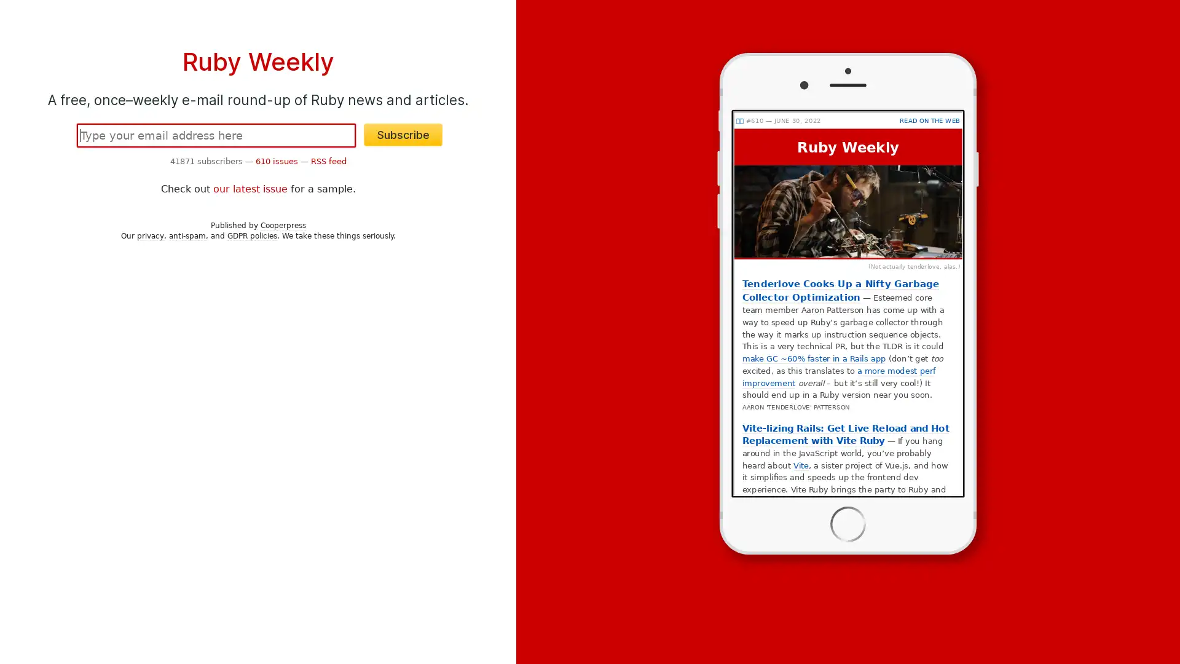  Describe the element at coordinates (403, 135) in the screenshot. I see `Subscribe` at that location.